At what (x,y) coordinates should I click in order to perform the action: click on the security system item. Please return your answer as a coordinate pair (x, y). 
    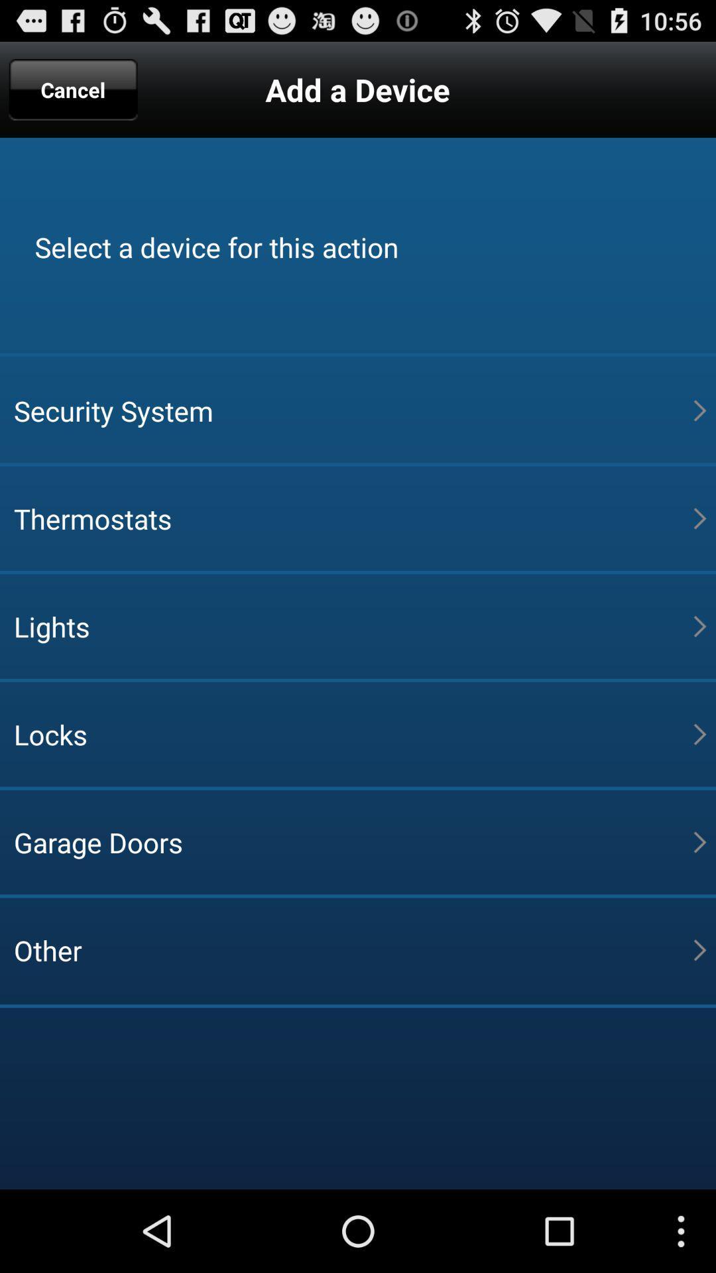
    Looking at the image, I should click on (353, 410).